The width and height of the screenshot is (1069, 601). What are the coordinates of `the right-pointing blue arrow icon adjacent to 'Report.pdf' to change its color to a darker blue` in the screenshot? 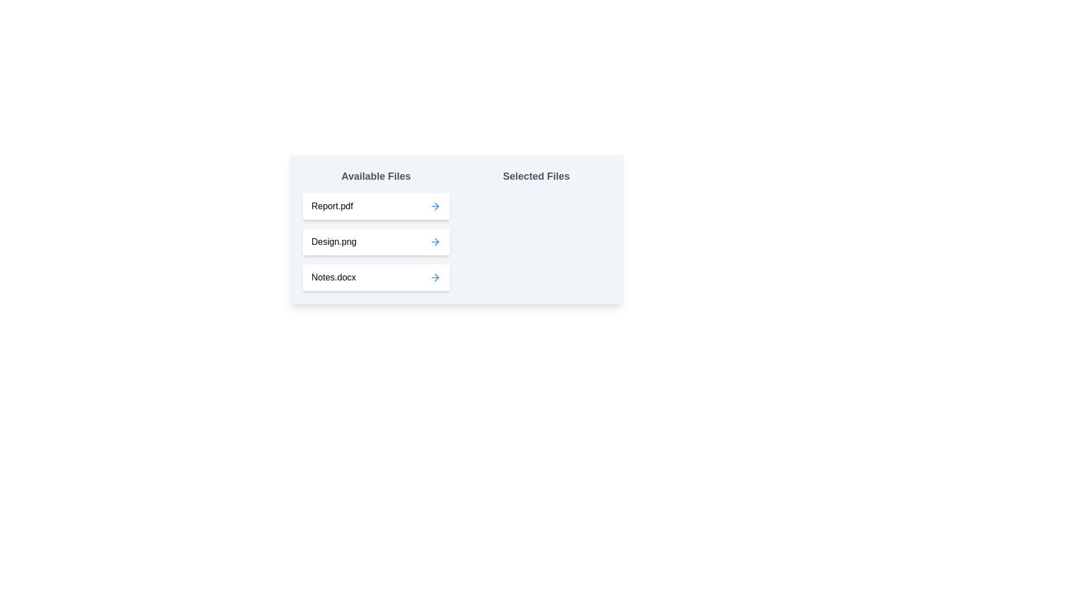 It's located at (434, 206).